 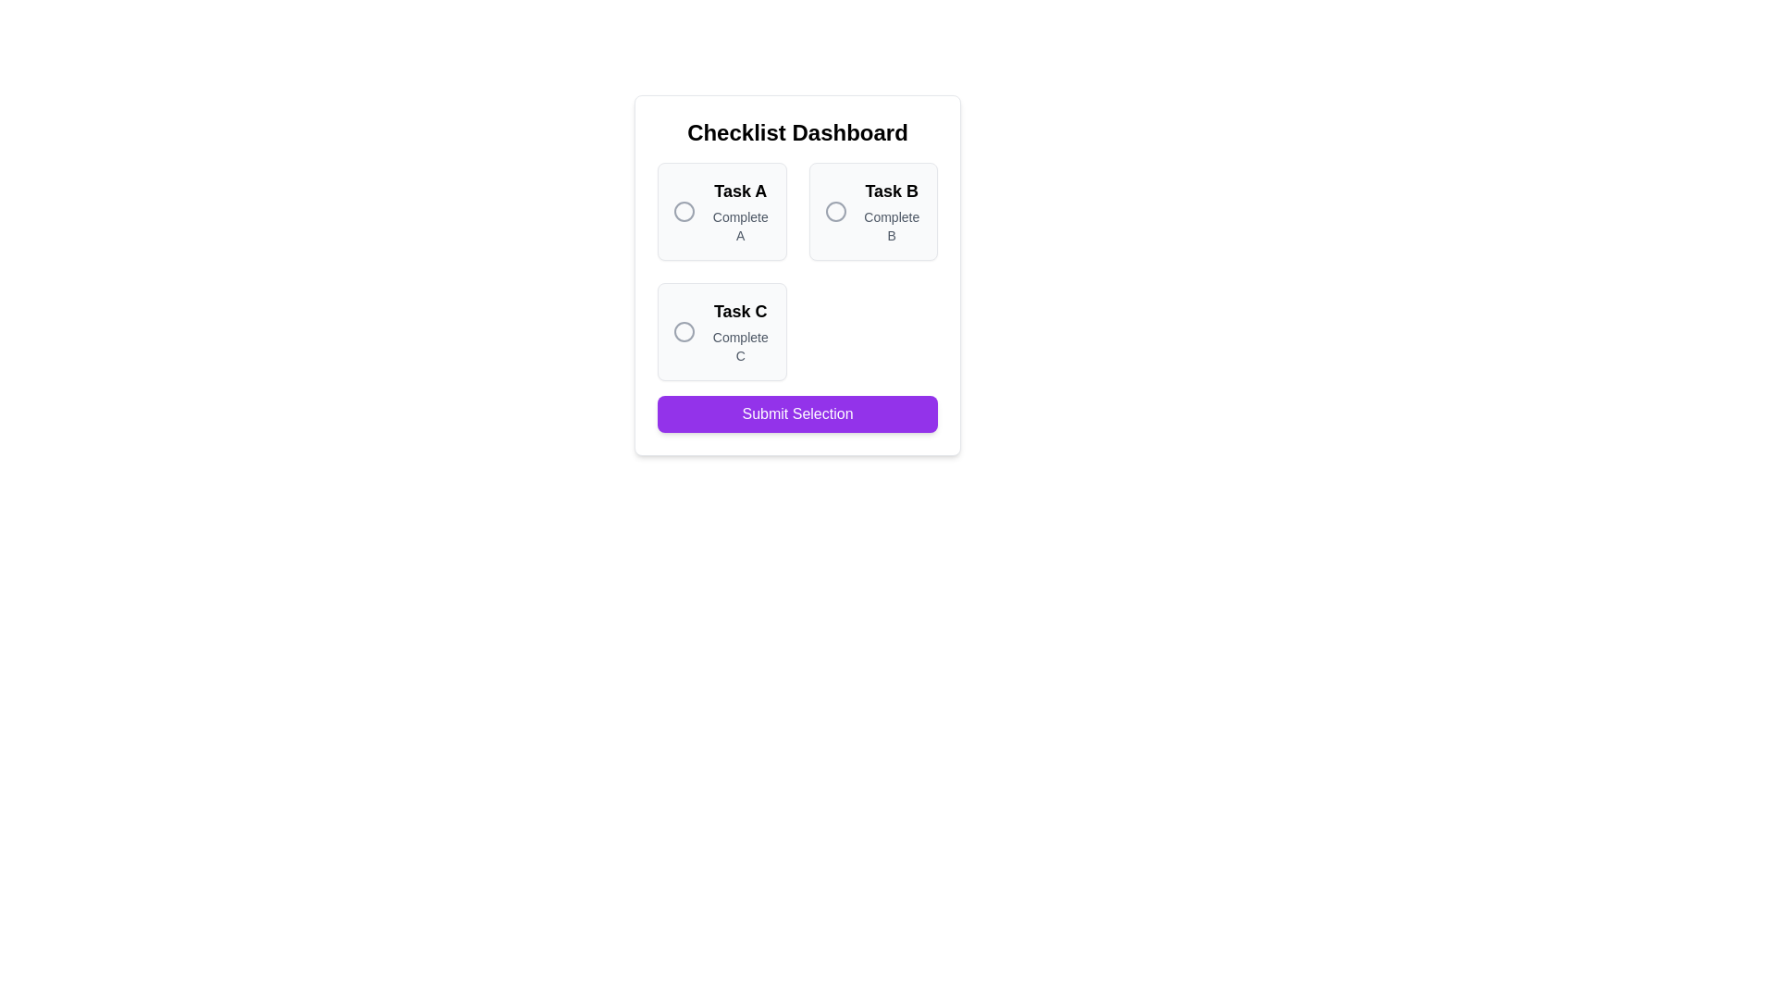 I want to click on the circular indicator outlined with a thin black stroke, located centrally within the 'Task B' card in the second column of the top row of the 'Checklist Dashboard', so click(x=834, y=210).